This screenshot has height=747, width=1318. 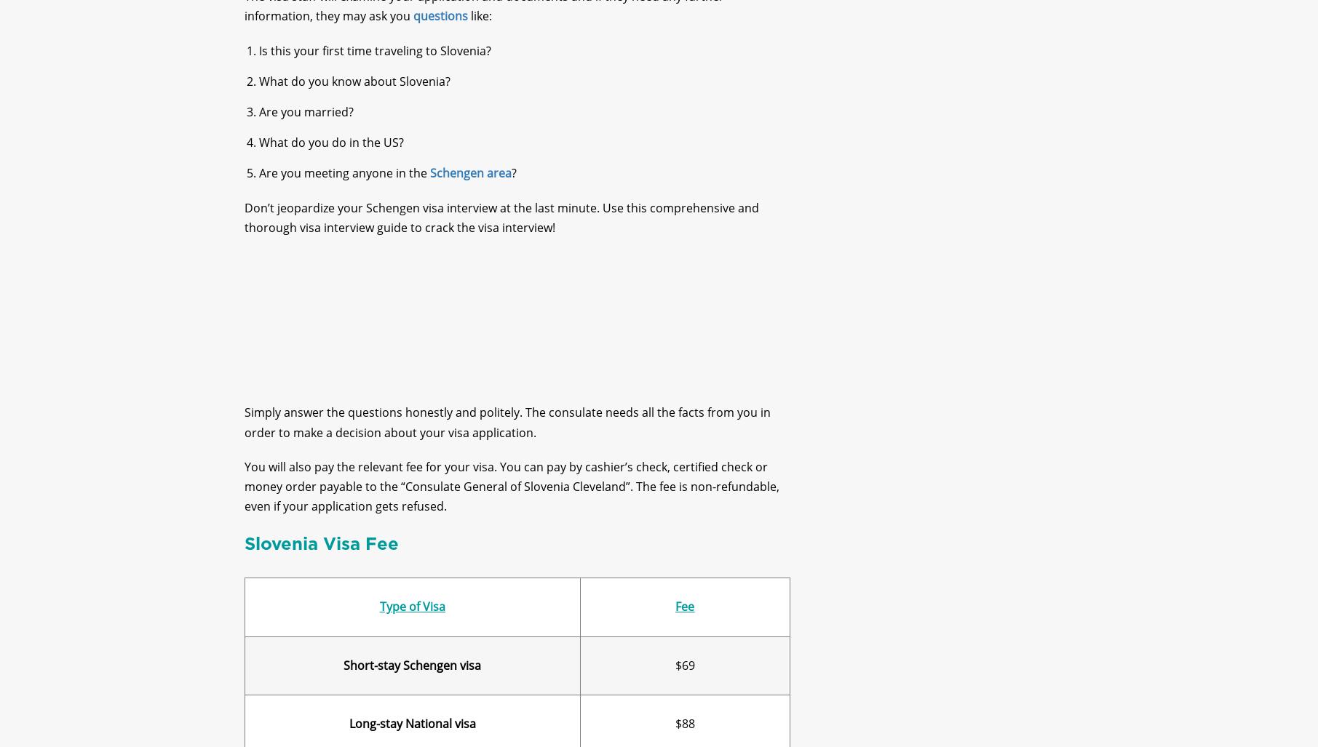 What do you see at coordinates (440, 28) in the screenshot?
I see `'questions'` at bounding box center [440, 28].